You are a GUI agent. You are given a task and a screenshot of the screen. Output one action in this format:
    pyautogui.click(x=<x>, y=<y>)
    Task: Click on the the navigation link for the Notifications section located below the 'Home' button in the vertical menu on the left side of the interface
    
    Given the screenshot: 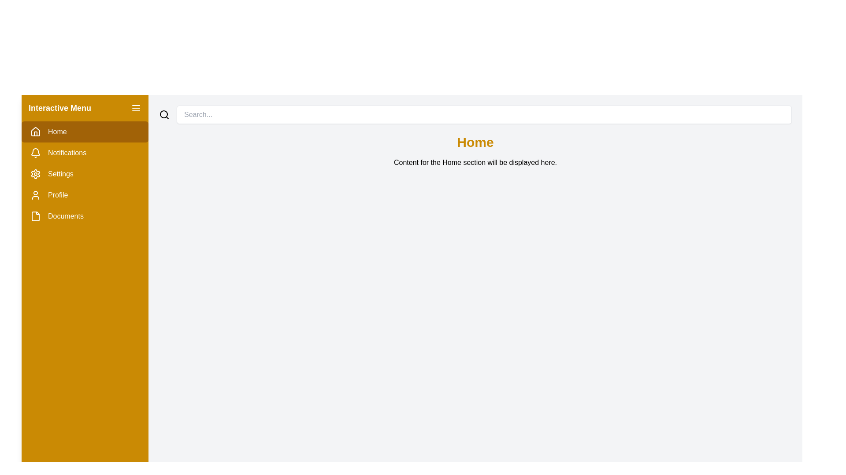 What is the action you would take?
    pyautogui.click(x=85, y=152)
    